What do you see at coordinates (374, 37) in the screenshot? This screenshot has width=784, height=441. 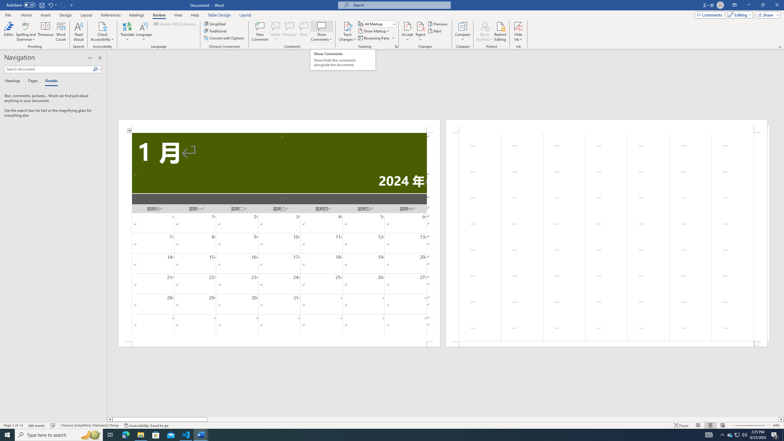 I see `'Reviewing Pane'` at bounding box center [374, 37].